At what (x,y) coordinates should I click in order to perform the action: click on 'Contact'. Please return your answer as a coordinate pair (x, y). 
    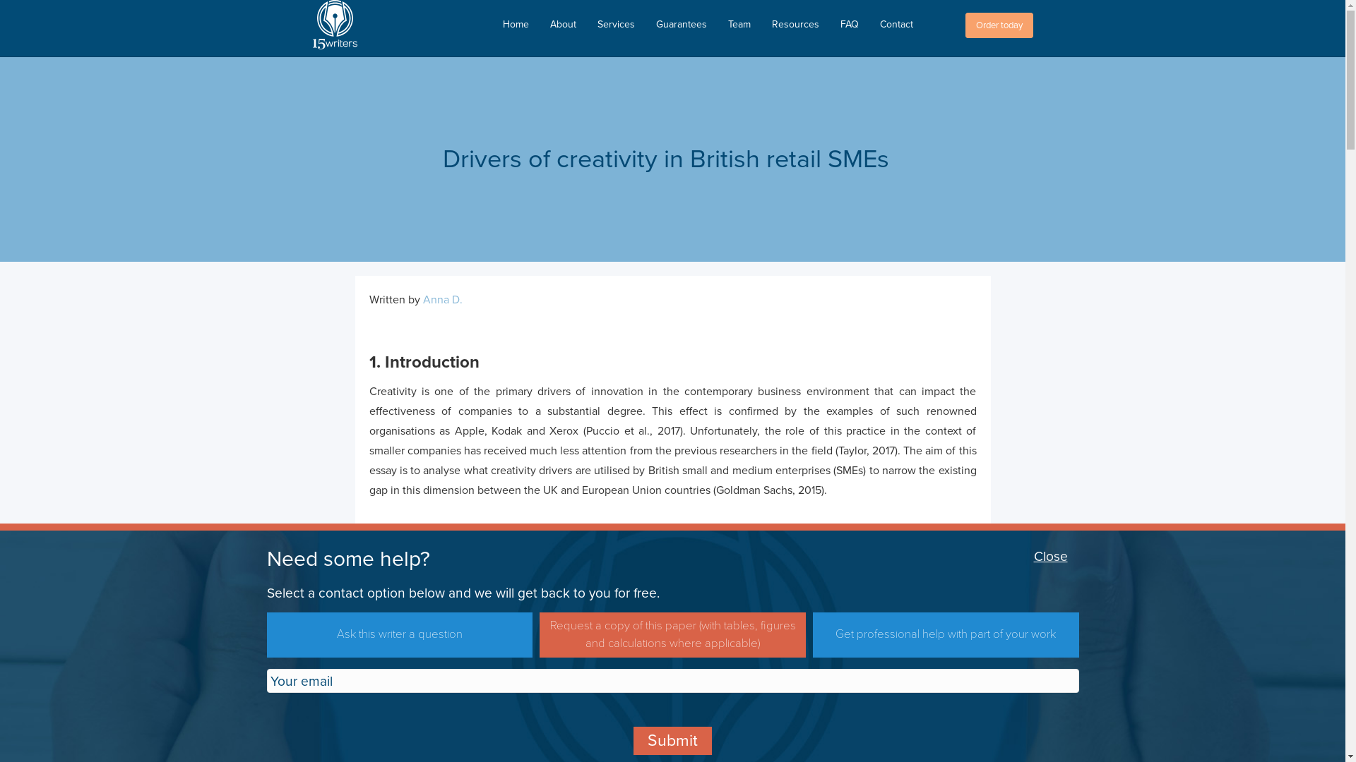
    Looking at the image, I should click on (890, 24).